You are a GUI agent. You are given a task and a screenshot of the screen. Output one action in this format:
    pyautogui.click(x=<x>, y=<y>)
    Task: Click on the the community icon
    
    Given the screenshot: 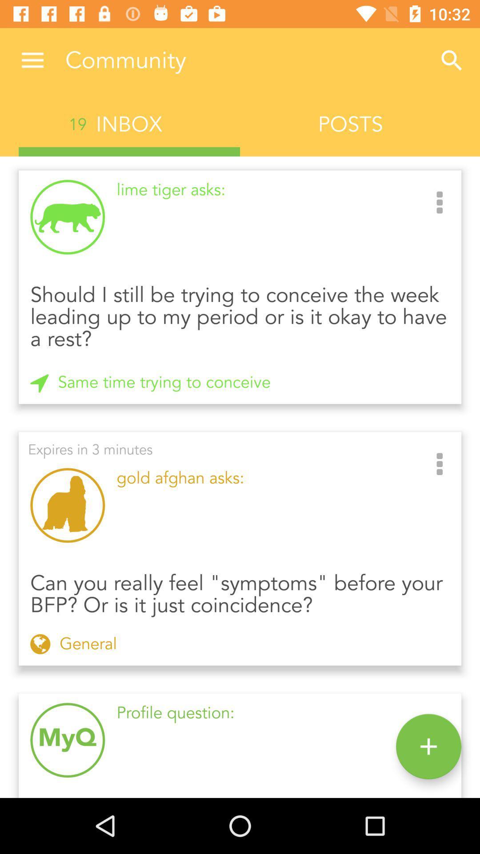 What is the action you would take?
    pyautogui.click(x=244, y=60)
    